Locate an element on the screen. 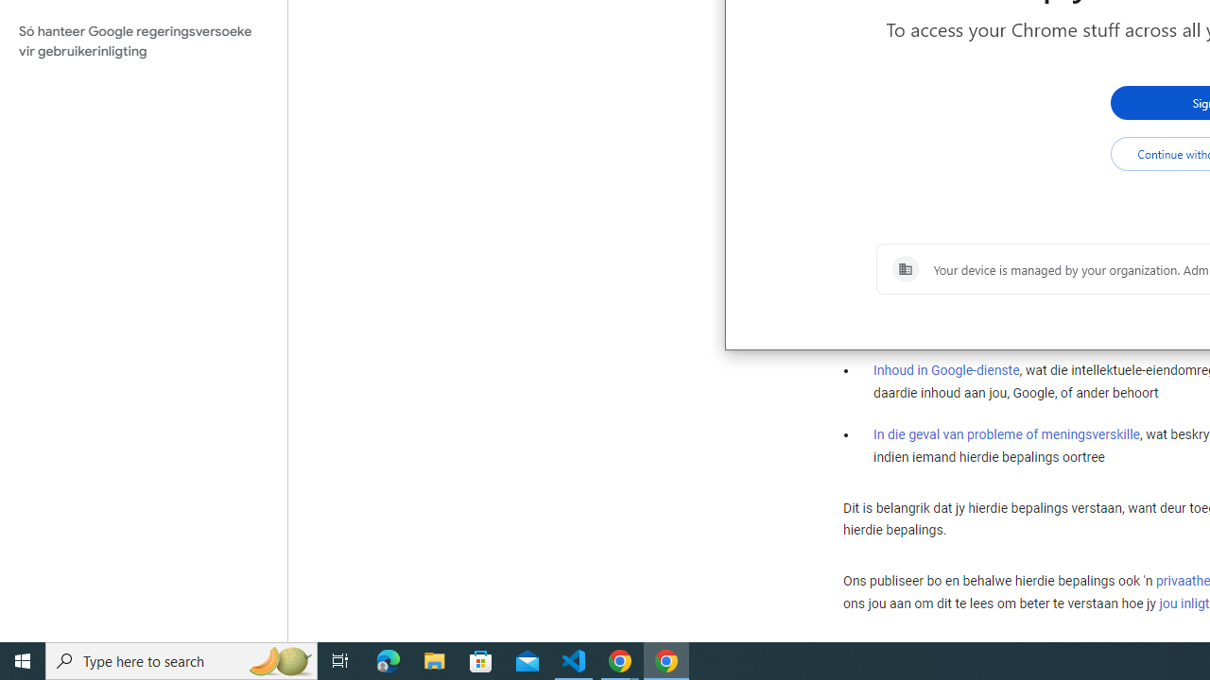 Image resolution: width=1210 pixels, height=680 pixels. 'Search highlights icon opens search home window' is located at coordinates (278, 659).